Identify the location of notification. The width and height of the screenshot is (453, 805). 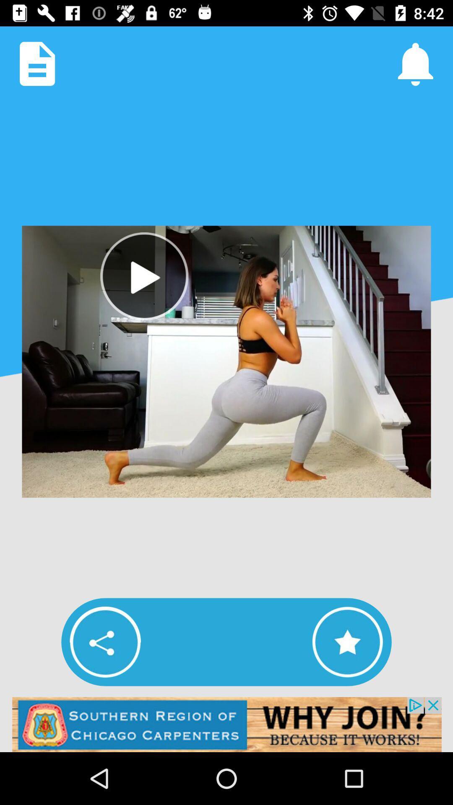
(415, 63).